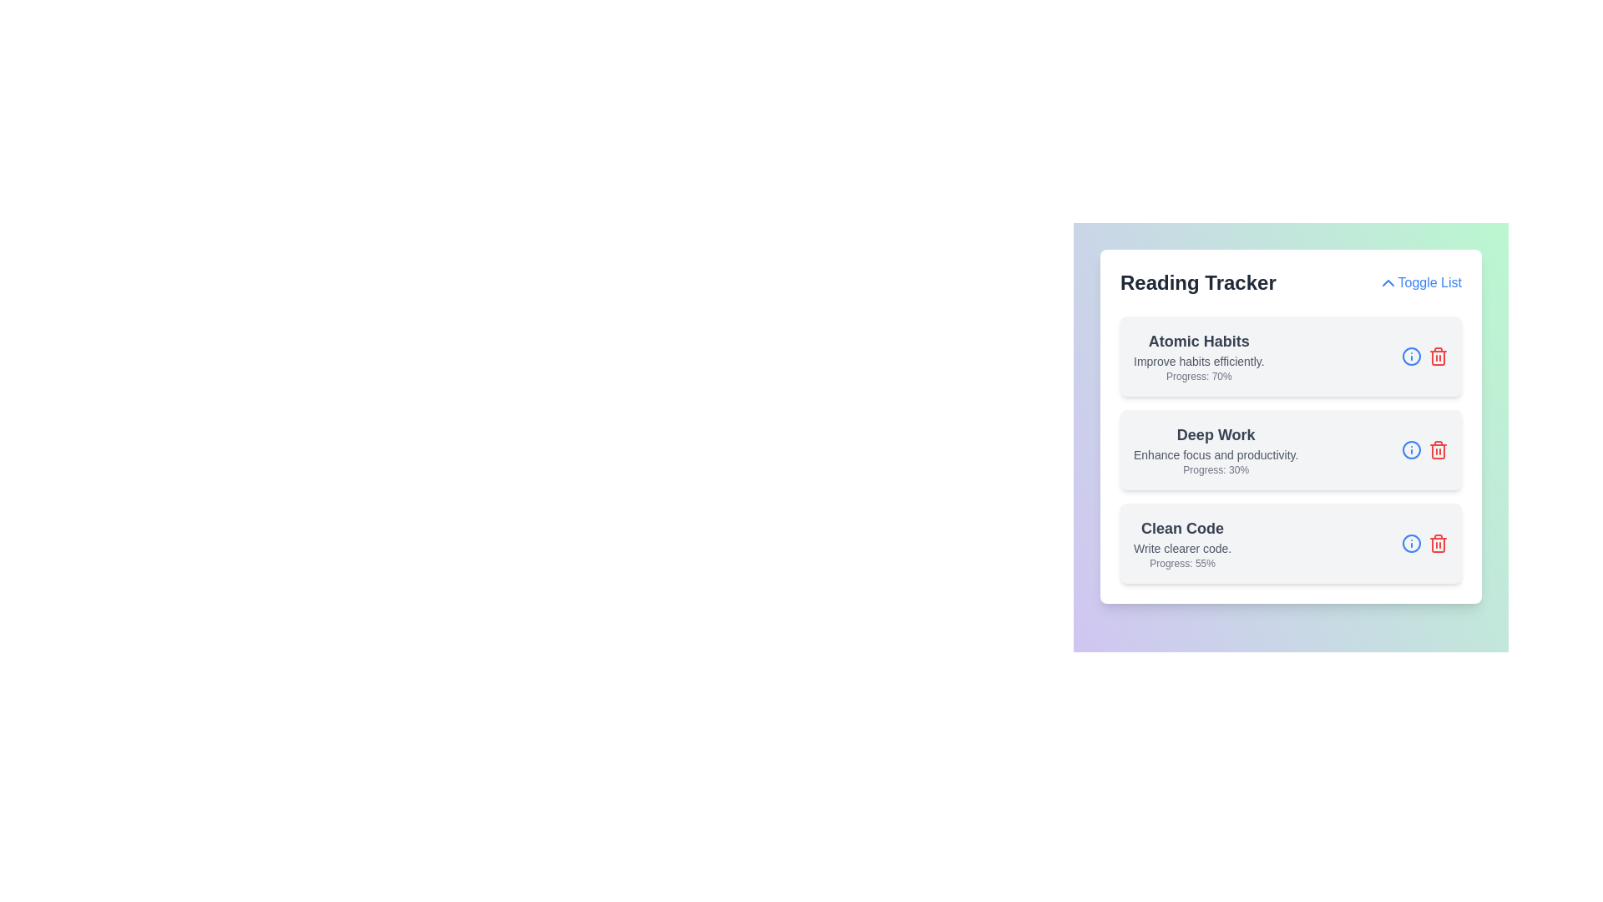  I want to click on the multiline text block titled 'Deep Work', which contains the subtext 'Enhance focus and productivity.' and the progress indication 'Progress: 30%', located in a vertically aligned list of entries, so click(1216, 449).